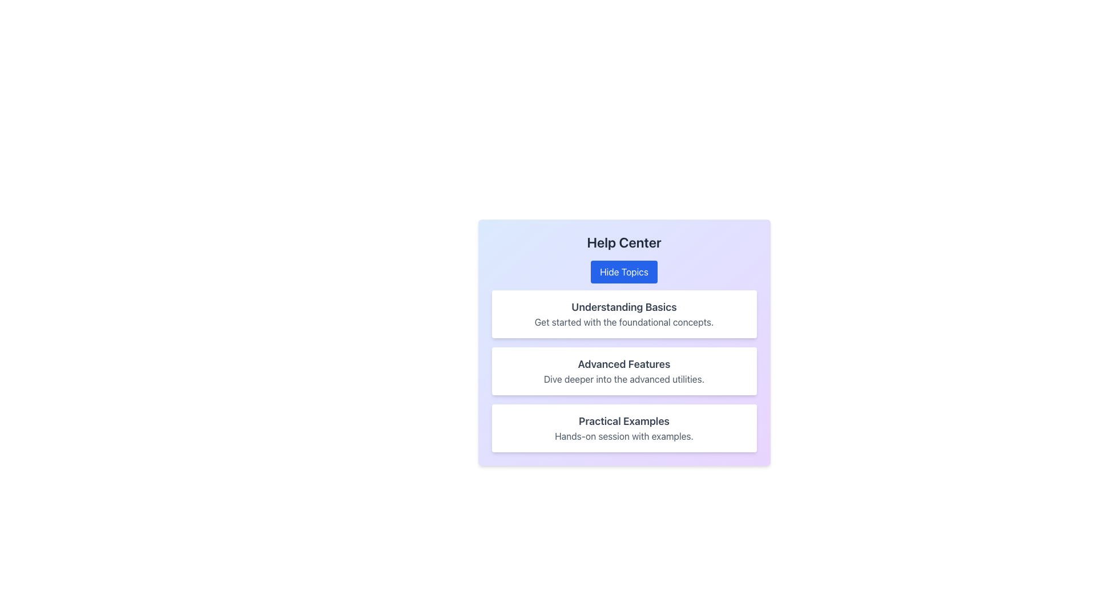  I want to click on the blue rectangular button labeled 'Hide Topics', so click(623, 272).